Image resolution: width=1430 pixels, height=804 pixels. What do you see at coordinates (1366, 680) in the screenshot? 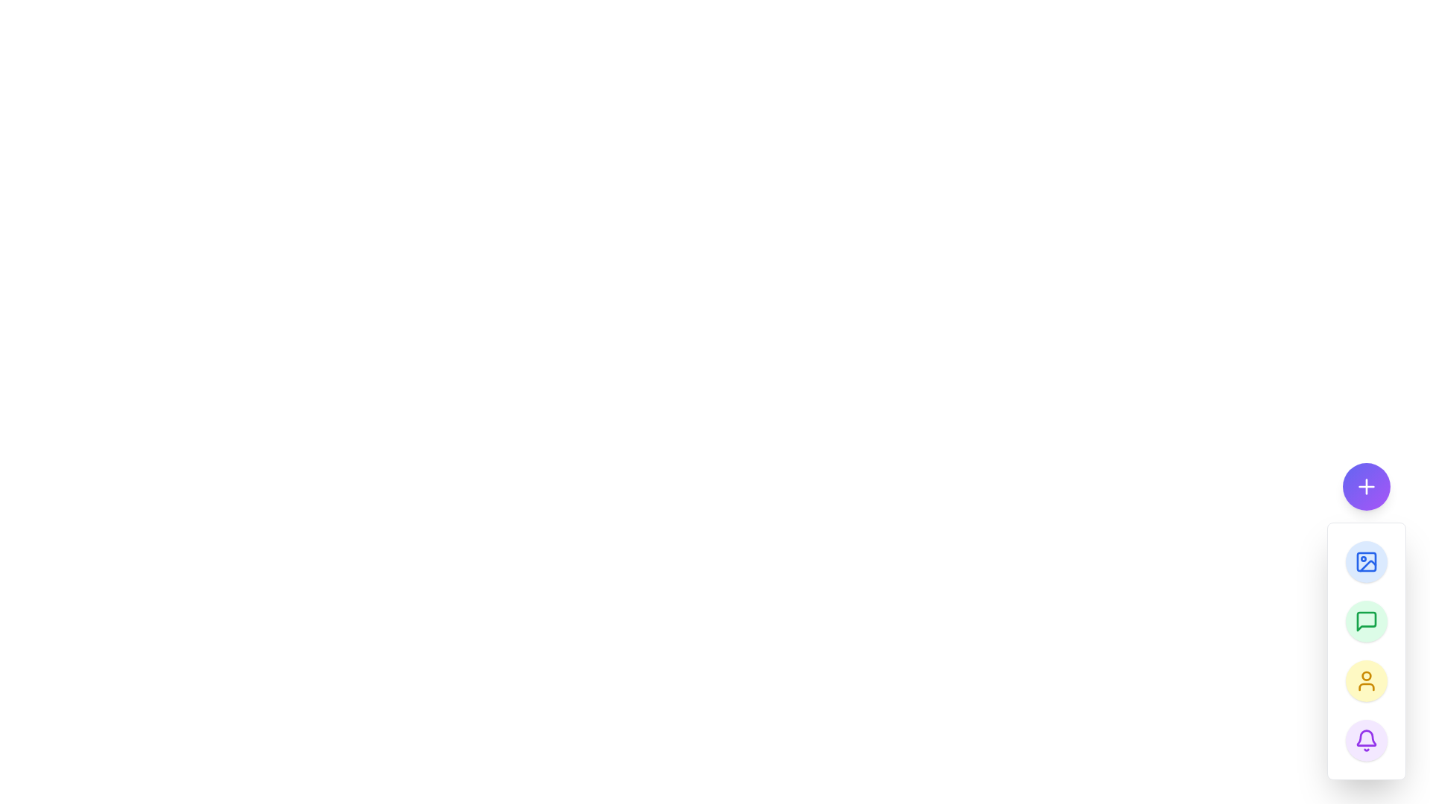
I see `the circular button with a yellow background and a dark yellow user icon, located third from the top in a vertical series of buttons` at bounding box center [1366, 680].